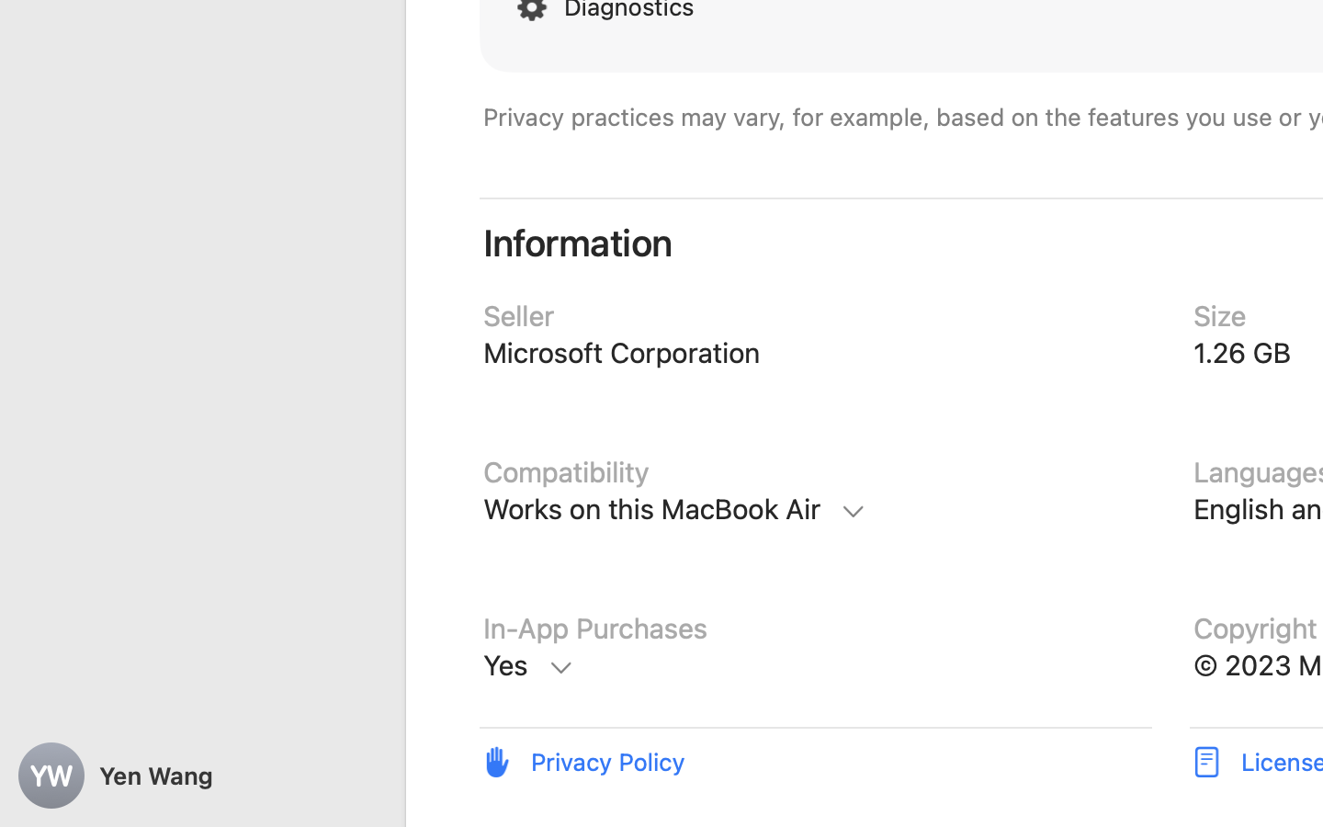 The width and height of the screenshot is (1323, 827). What do you see at coordinates (202, 776) in the screenshot?
I see `'Yen Wang'` at bounding box center [202, 776].